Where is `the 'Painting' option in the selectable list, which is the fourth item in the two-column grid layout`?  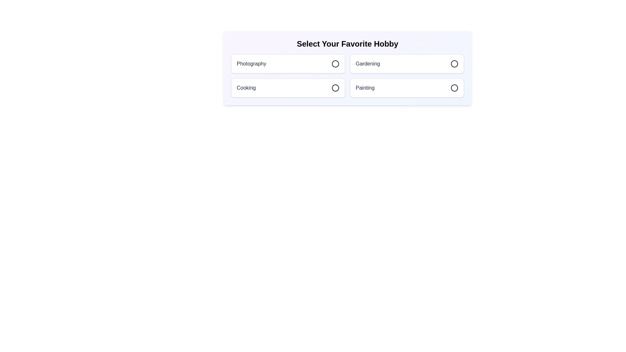
the 'Painting' option in the selectable list, which is the fourth item in the two-column grid layout is located at coordinates (407, 88).